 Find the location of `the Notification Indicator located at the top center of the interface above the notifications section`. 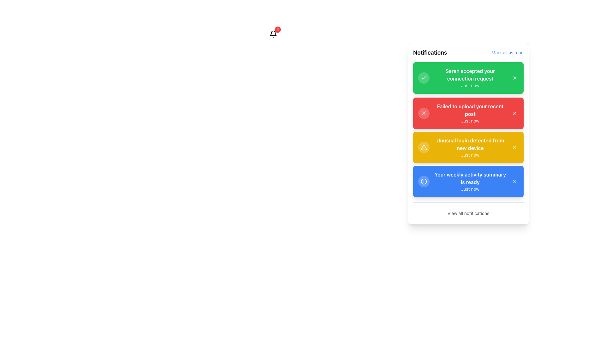

the Notification Indicator located at the top center of the interface above the notifications section is located at coordinates (273, 34).